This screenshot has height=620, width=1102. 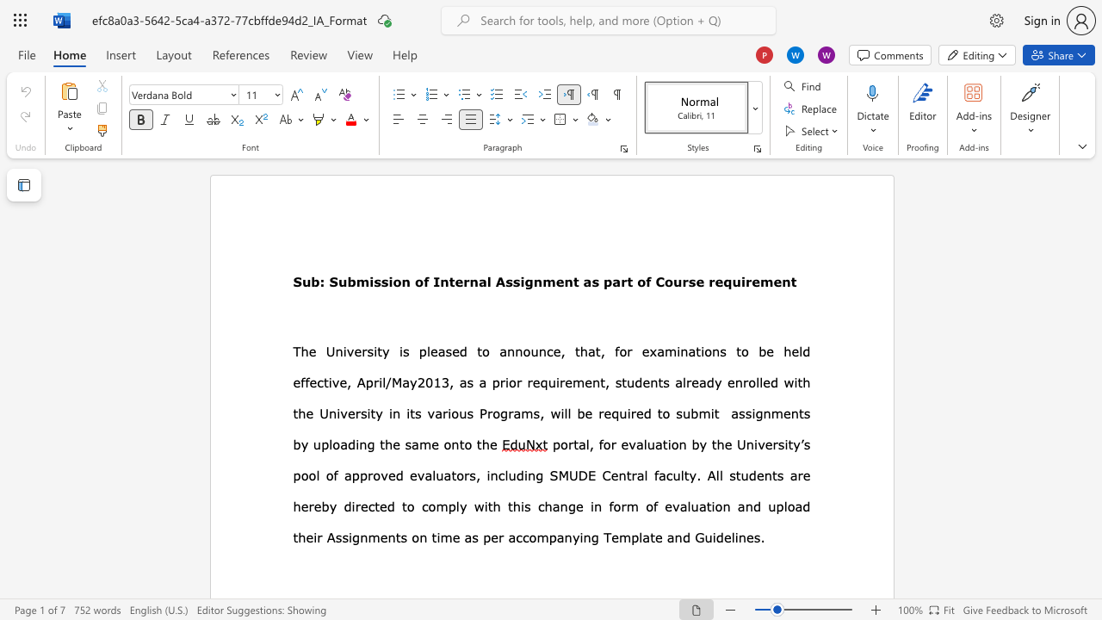 I want to click on the 1th character "a" in the text, so click(x=482, y=281).